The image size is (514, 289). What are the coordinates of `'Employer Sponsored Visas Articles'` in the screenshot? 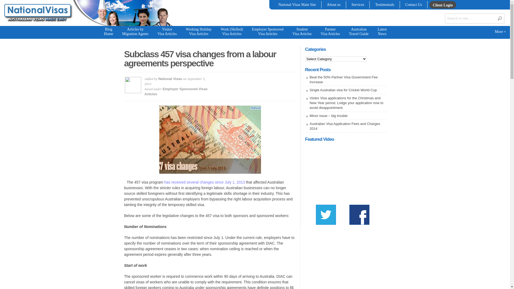 It's located at (176, 91).